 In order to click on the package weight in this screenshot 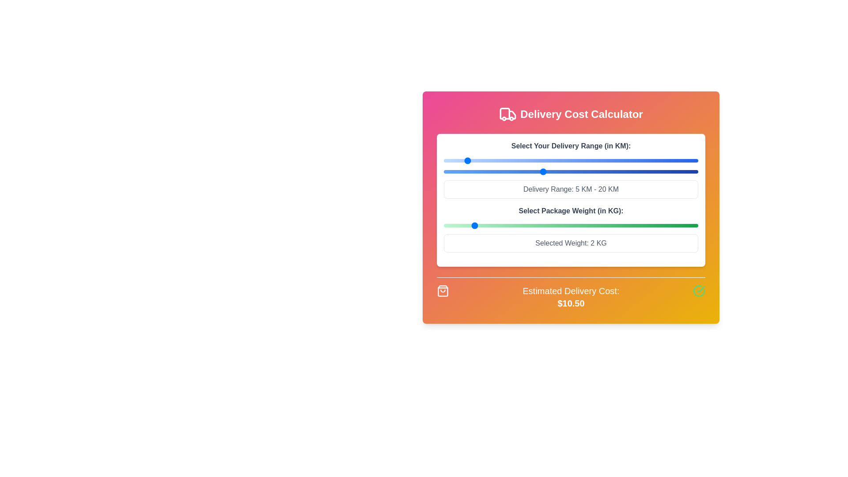, I will do `click(528, 225)`.